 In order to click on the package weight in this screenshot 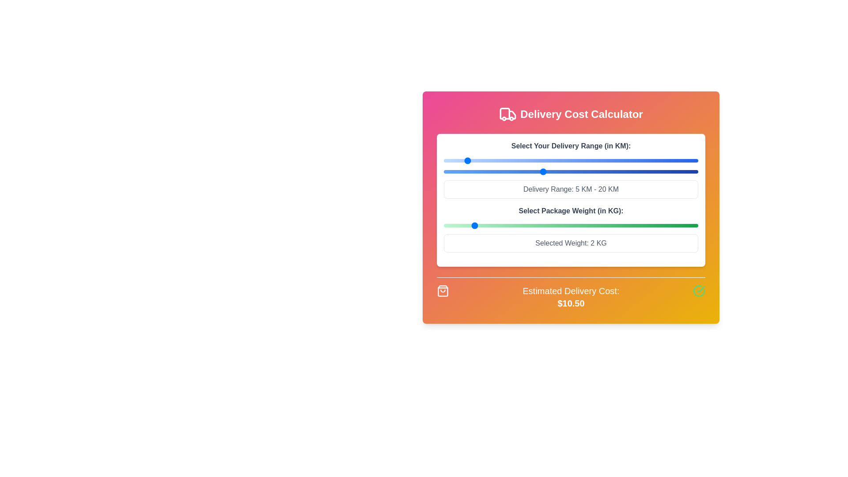, I will do `click(528, 225)`.